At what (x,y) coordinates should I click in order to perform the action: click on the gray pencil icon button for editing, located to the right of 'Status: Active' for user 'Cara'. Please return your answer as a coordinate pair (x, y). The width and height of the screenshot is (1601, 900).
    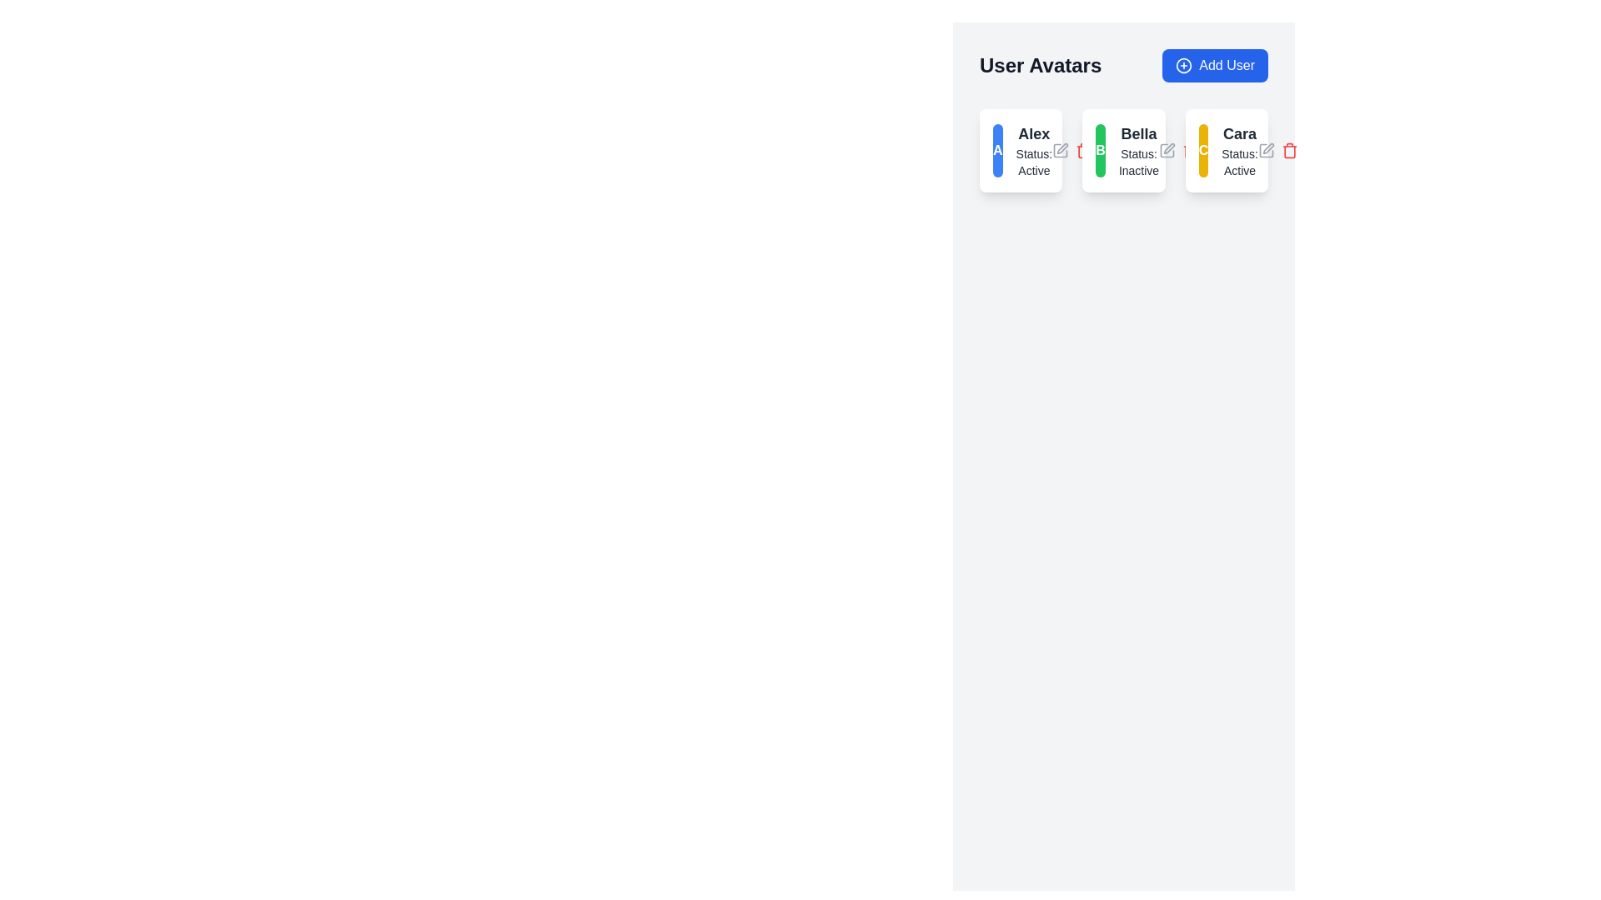
    Looking at the image, I should click on (1266, 151).